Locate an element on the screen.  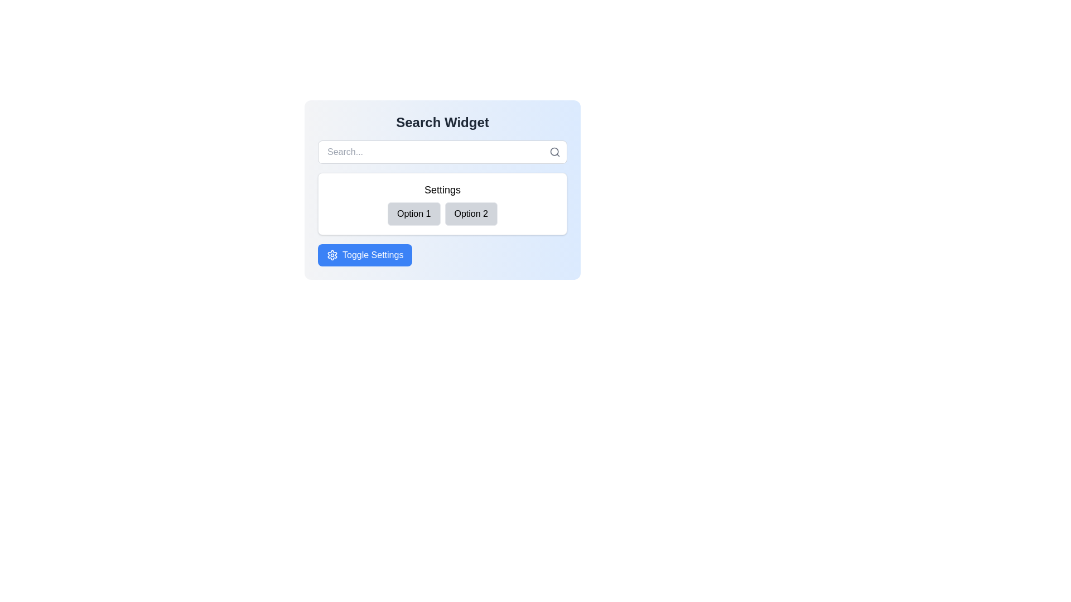
the decorative Static Icon that symbolizes settings or configurations, located beneath the 'Toggle Settings' button in the UI layout is located at coordinates (331, 255).